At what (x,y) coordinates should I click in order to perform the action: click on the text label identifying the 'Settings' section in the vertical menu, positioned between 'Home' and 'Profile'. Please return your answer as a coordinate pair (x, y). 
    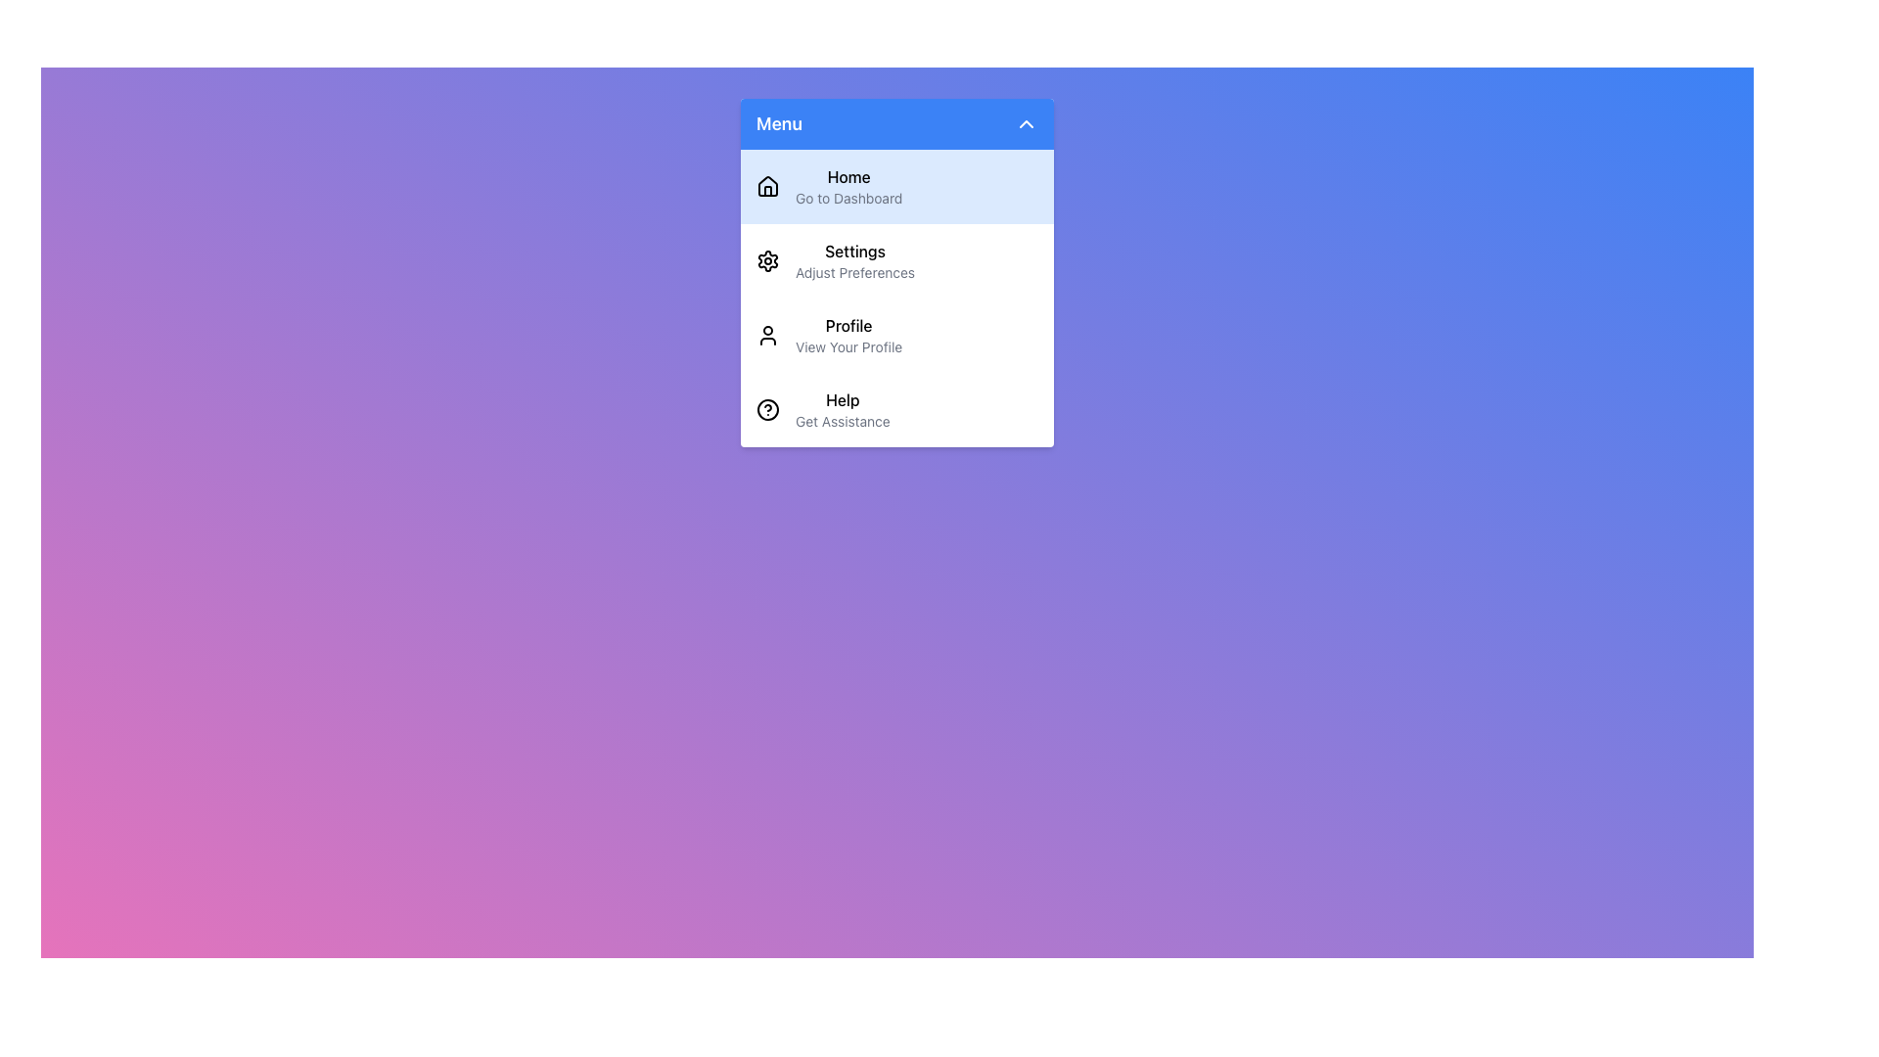
    Looking at the image, I should click on (854, 251).